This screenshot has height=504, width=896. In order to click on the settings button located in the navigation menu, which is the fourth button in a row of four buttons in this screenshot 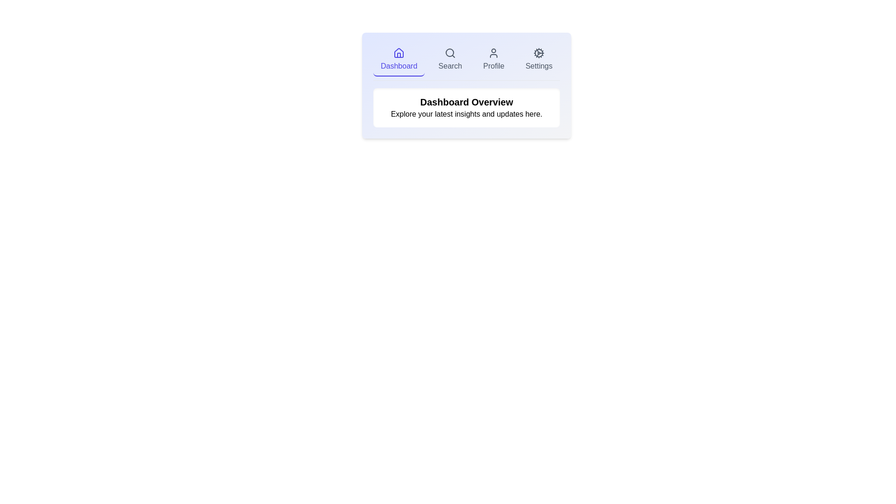, I will do `click(539, 60)`.